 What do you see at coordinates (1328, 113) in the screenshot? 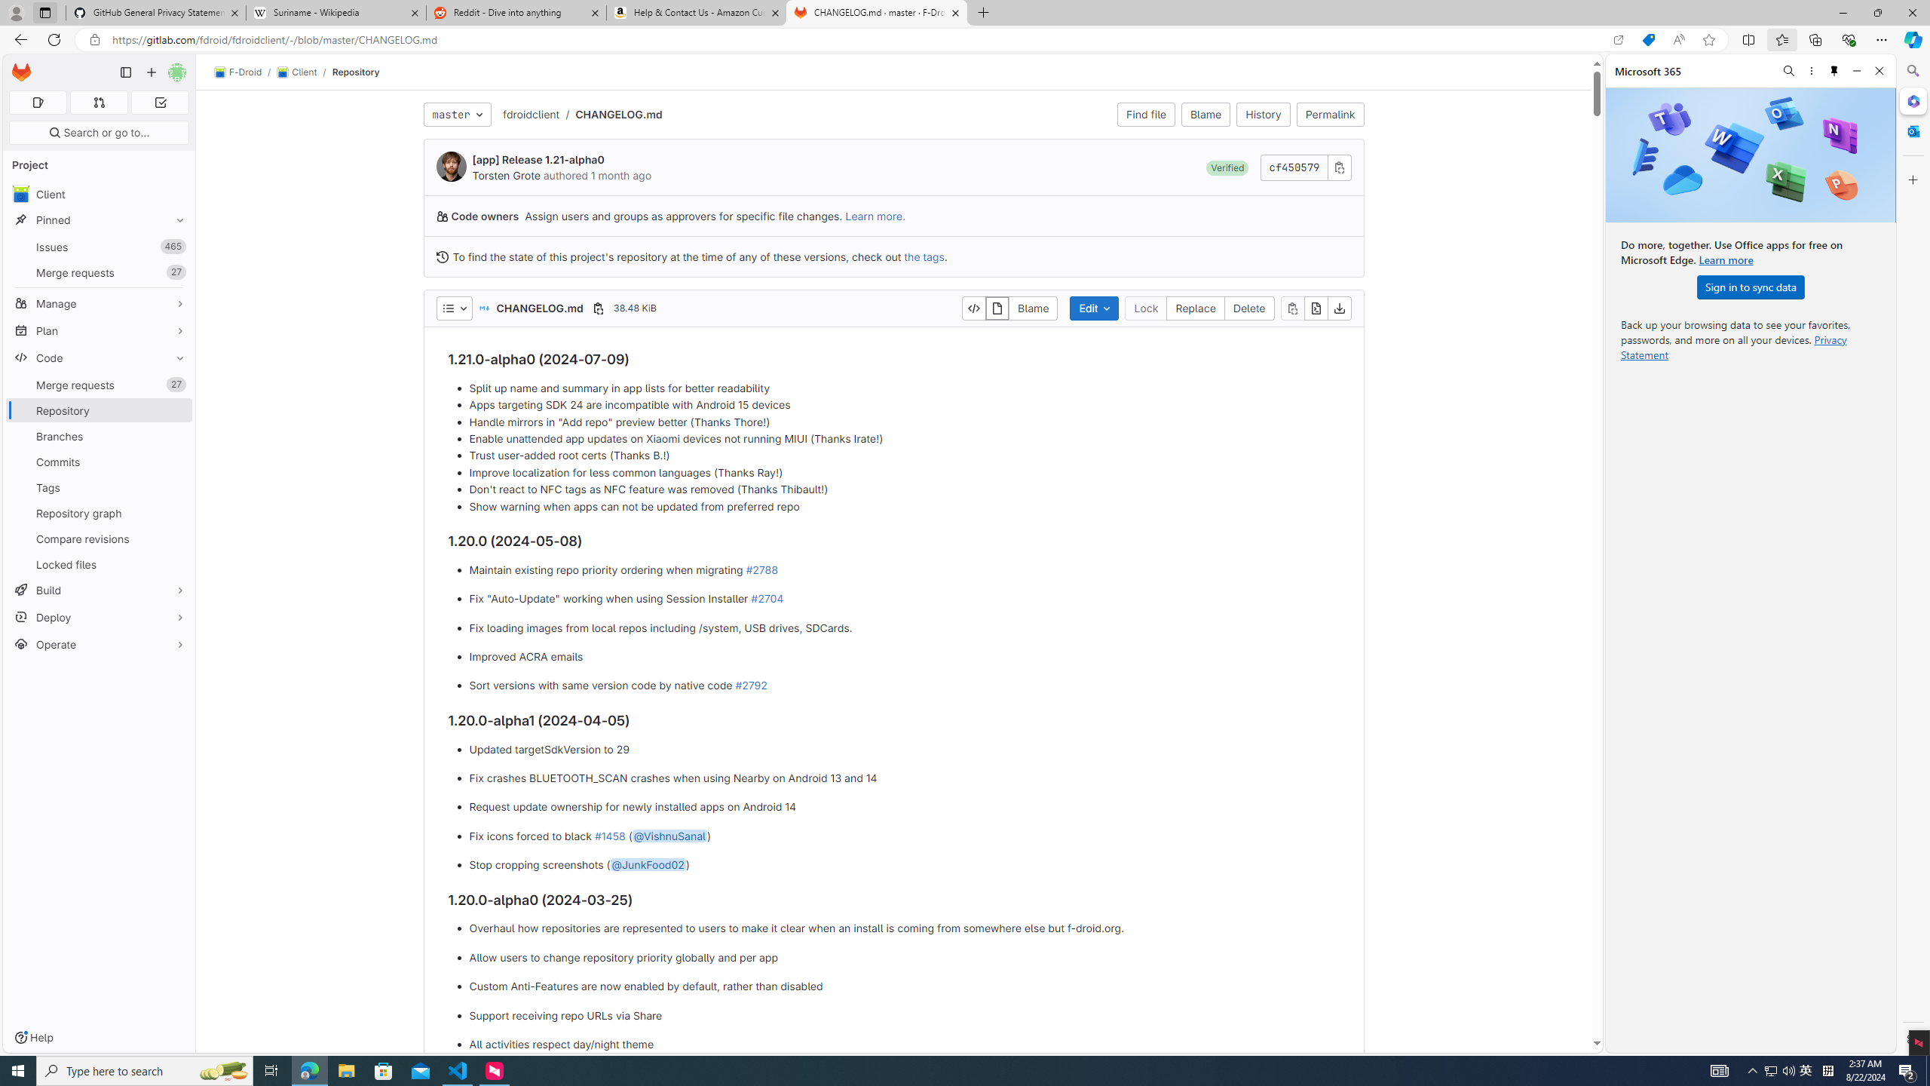
I see `'Permalink'` at bounding box center [1328, 113].